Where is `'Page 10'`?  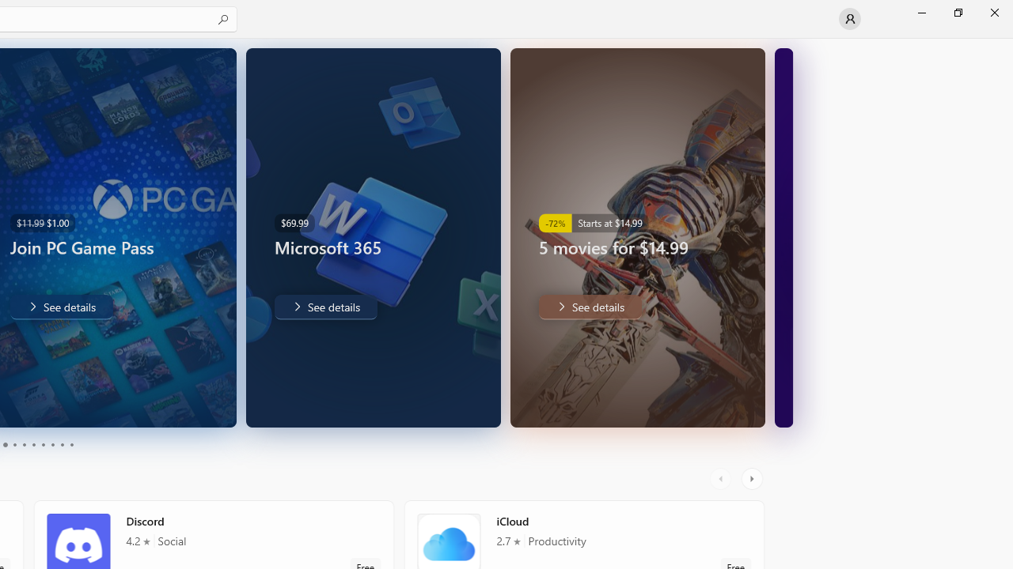 'Page 10' is located at coordinates (70, 445).